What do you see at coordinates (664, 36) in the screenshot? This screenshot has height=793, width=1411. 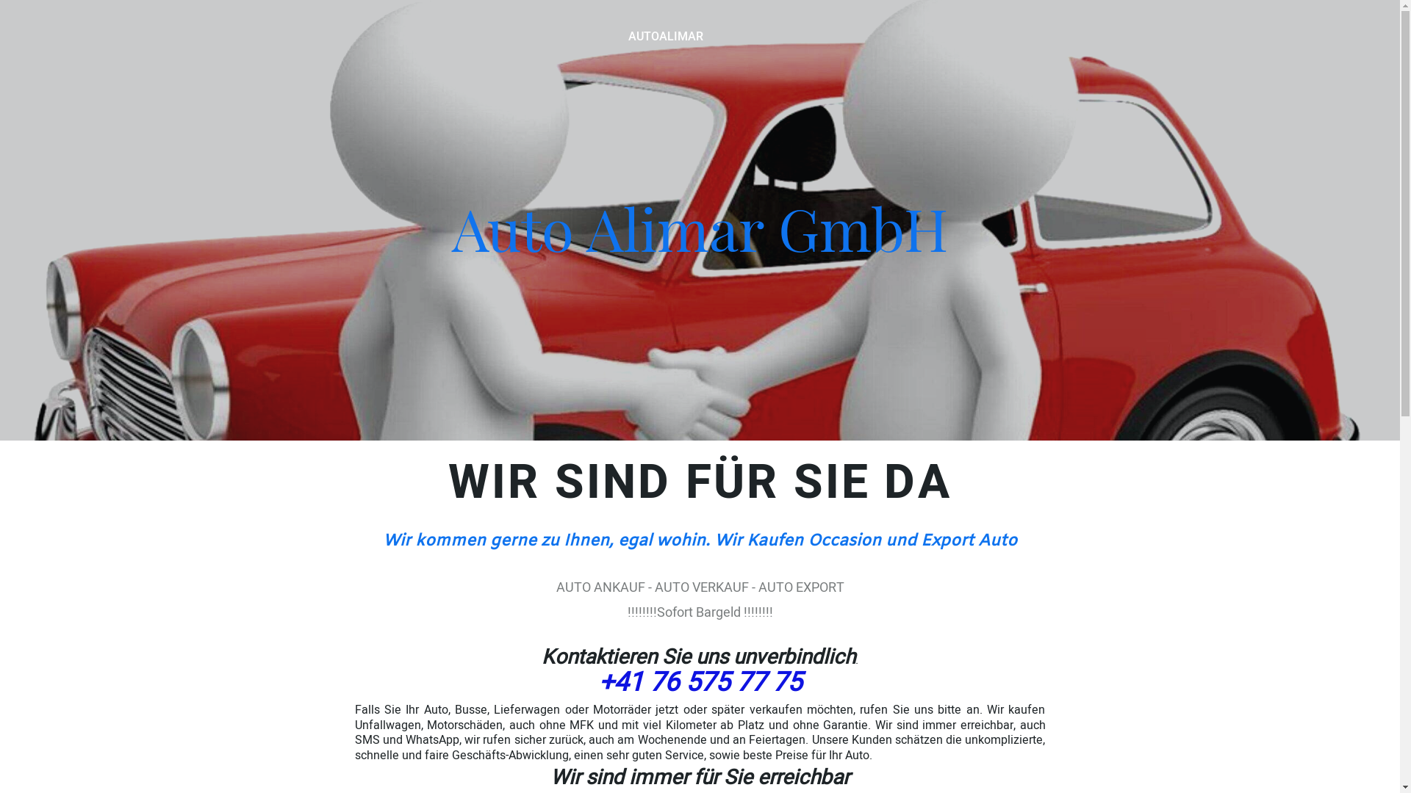 I see `'AUTOALIMAR'` at bounding box center [664, 36].